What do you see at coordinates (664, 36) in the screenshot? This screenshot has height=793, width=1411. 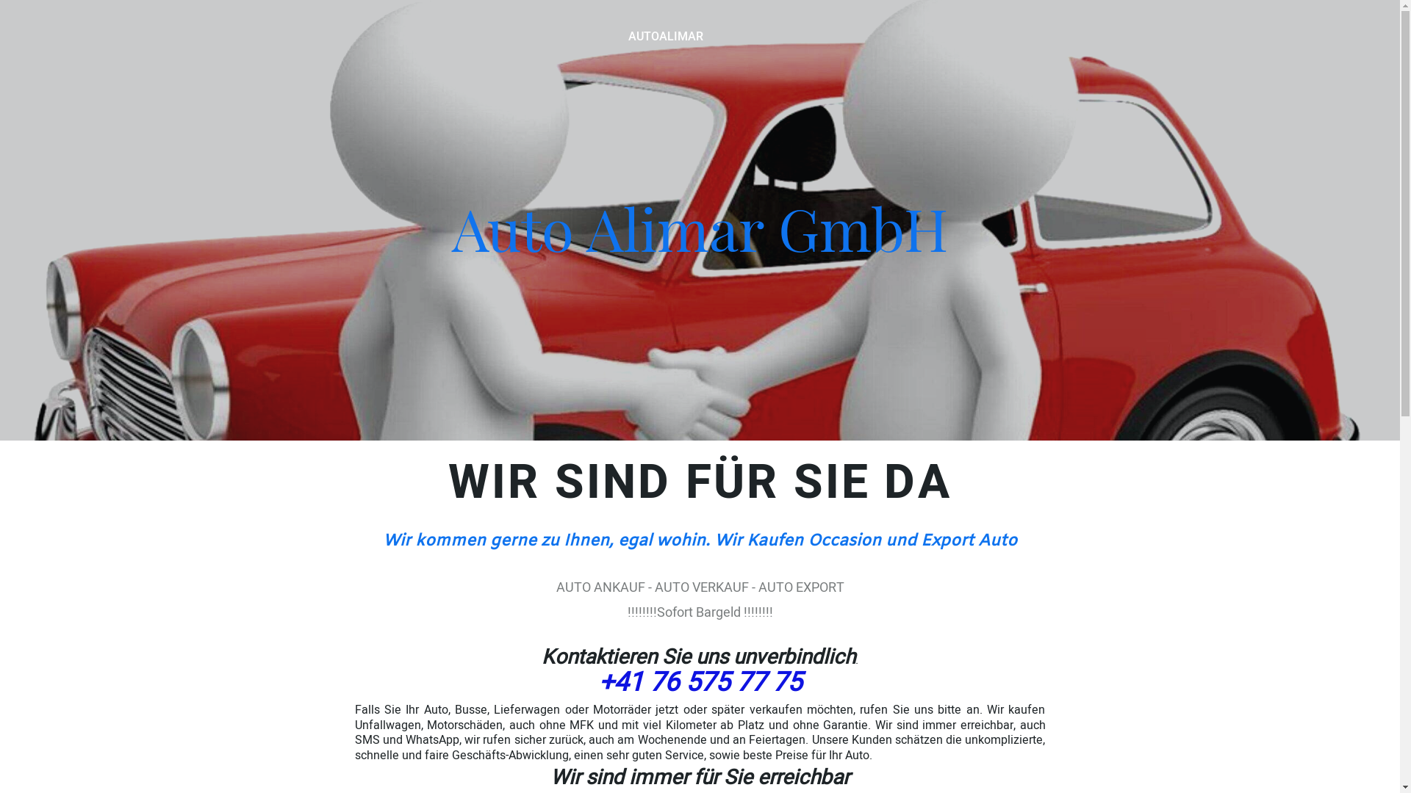 I see `'AUTOALIMAR'` at bounding box center [664, 36].